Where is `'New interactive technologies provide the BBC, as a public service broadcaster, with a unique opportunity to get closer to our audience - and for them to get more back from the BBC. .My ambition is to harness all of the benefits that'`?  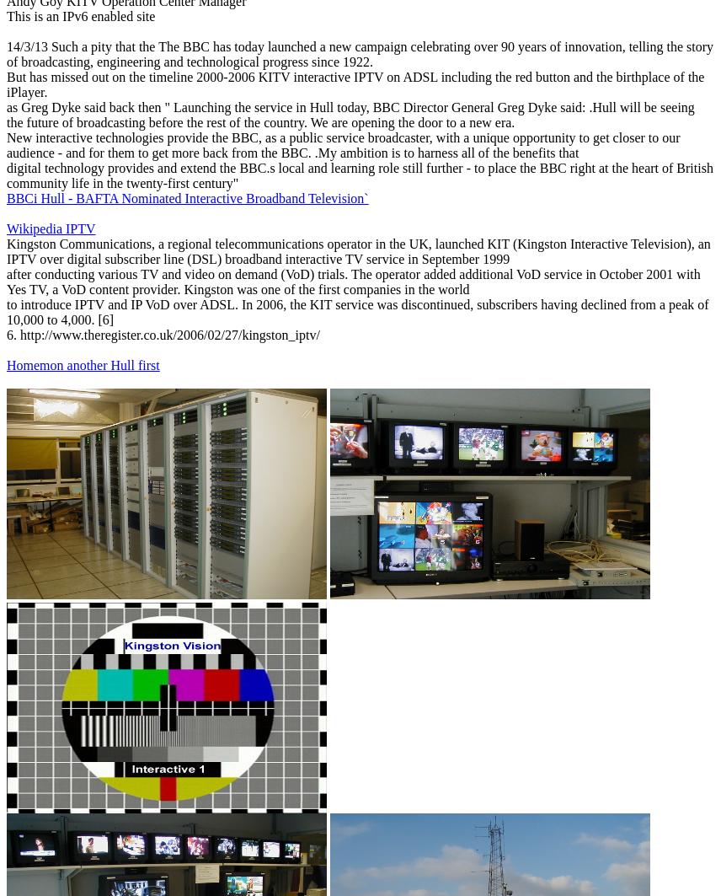 'New interactive technologies provide the BBC, as a public service broadcaster, with a unique opportunity to get closer to our audience - and for them to get more back from the BBC. .My ambition is to harness all of the benefits that' is located at coordinates (342, 144).